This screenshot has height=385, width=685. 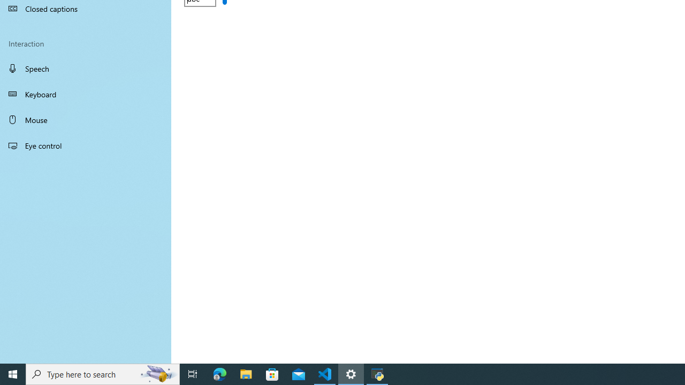 I want to click on 'Start', so click(x=13, y=373).